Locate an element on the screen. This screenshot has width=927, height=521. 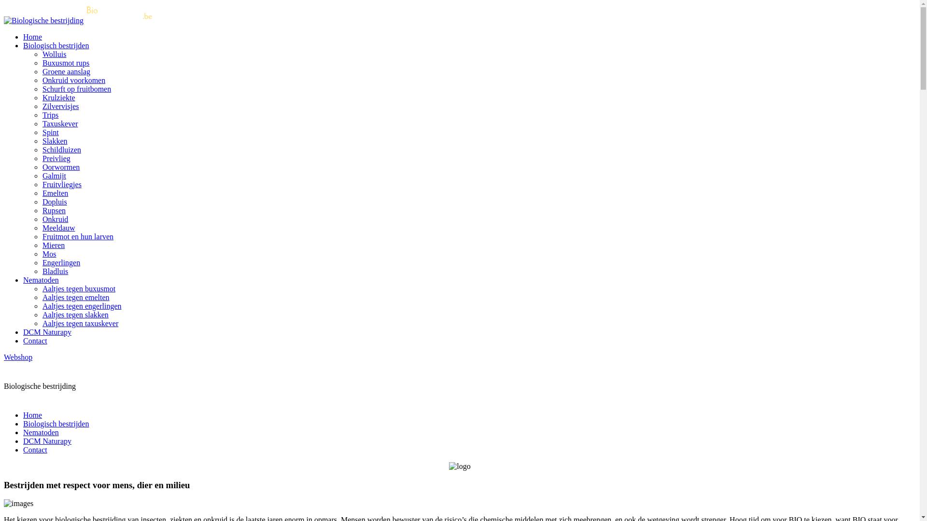
'Onkruid voorkomen' is located at coordinates (73, 80).